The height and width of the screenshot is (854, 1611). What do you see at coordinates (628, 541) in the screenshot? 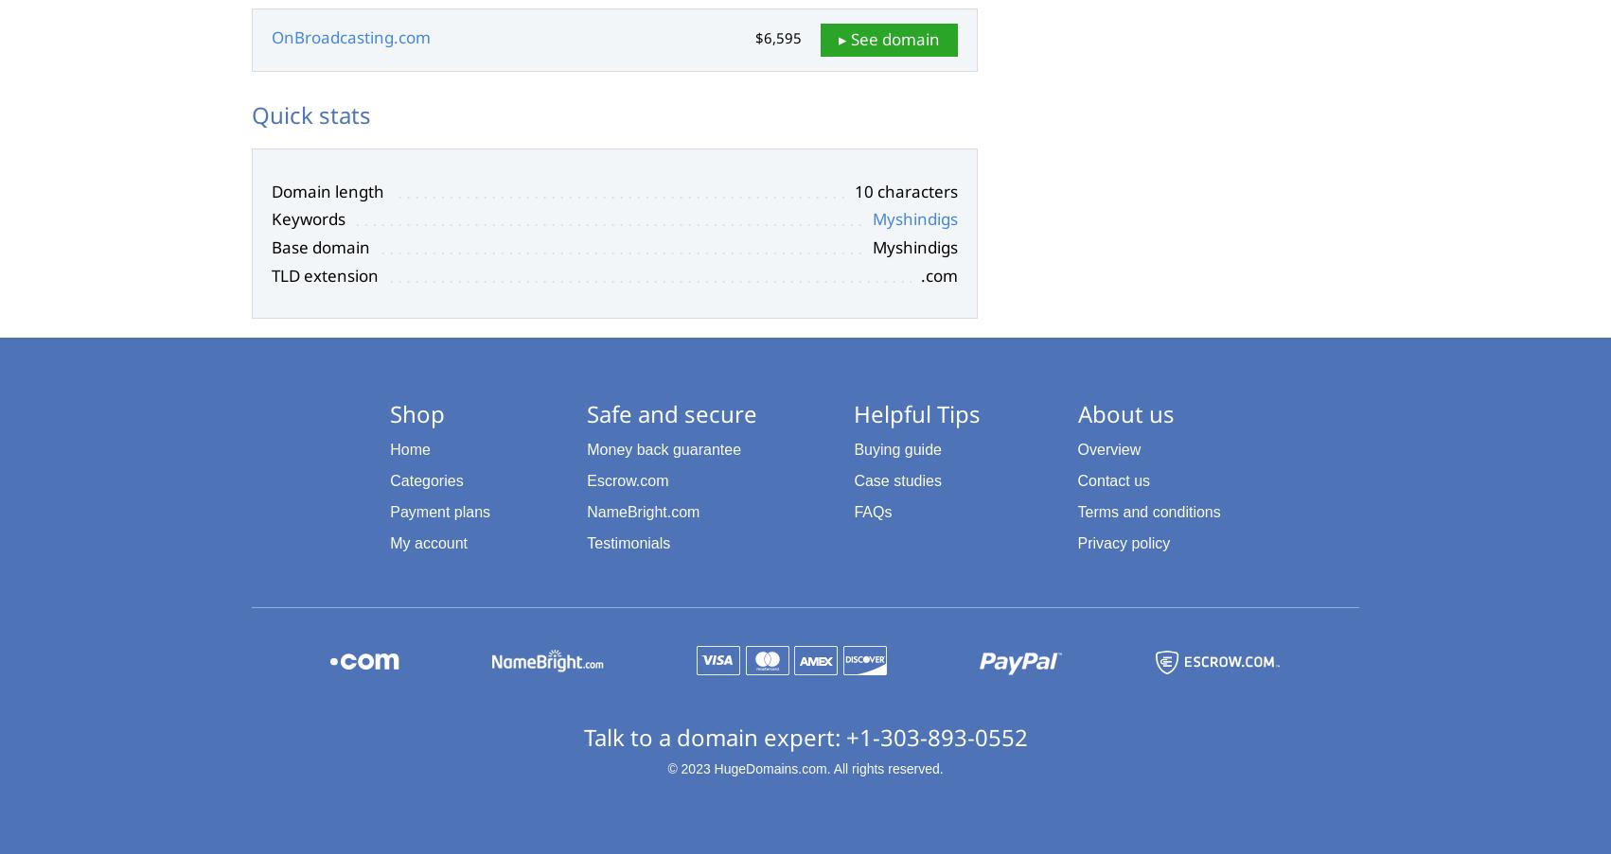
I see `'Testimonials'` at bounding box center [628, 541].